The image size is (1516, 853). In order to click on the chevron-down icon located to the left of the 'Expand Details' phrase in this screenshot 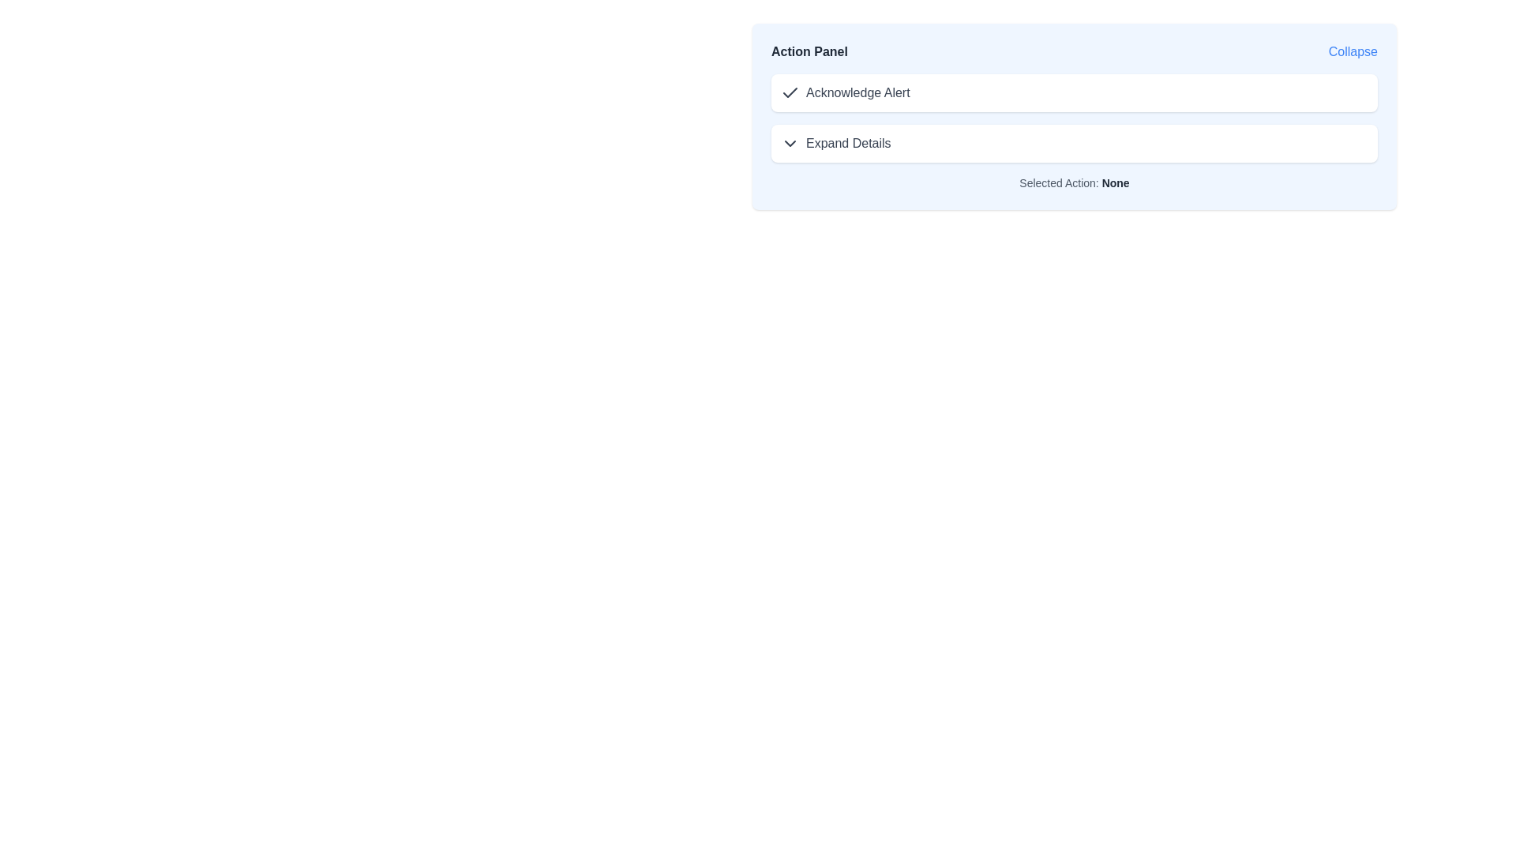, I will do `click(790, 143)`.